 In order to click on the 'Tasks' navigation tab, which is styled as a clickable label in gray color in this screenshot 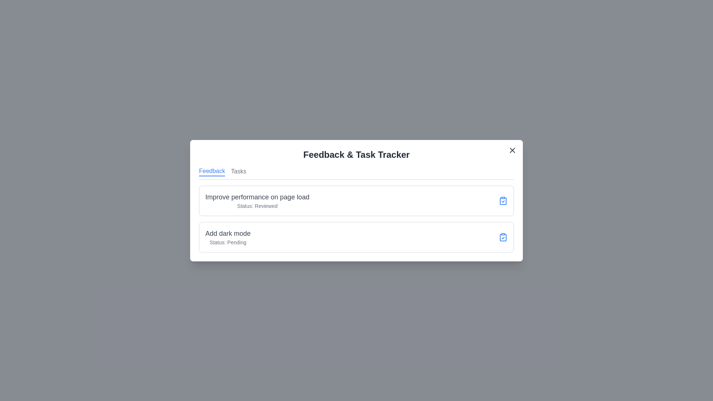, I will do `click(238, 171)`.